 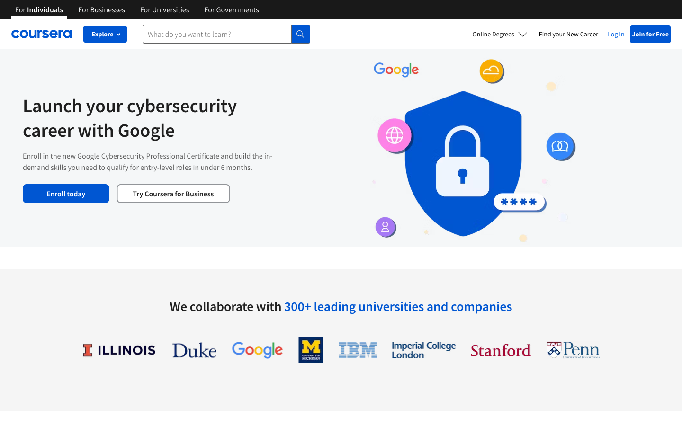 I want to click on Duke University"s Website, so click(x=194, y=349).